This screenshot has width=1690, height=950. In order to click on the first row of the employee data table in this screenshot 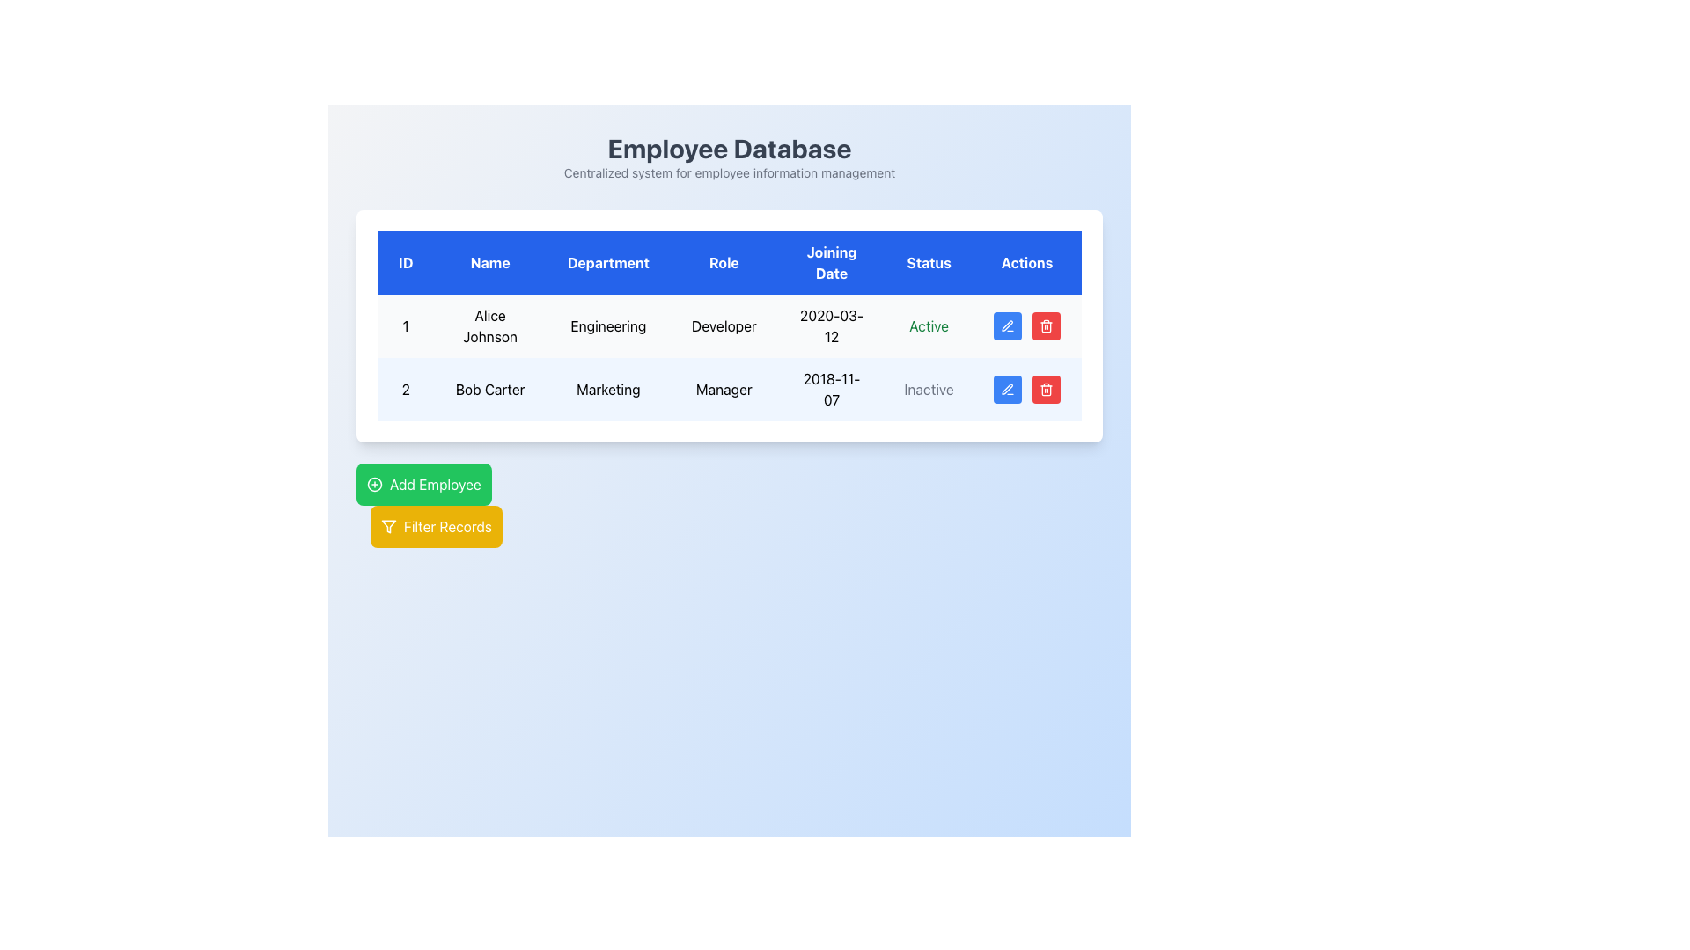, I will do `click(730, 325)`.